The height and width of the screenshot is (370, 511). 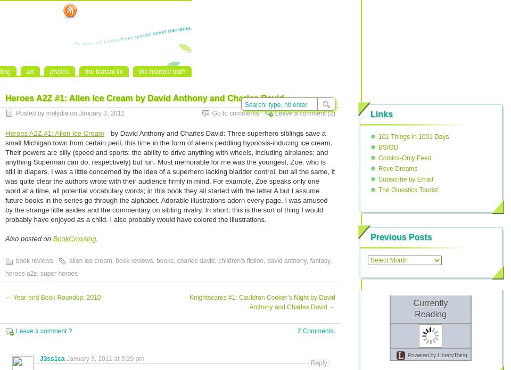 What do you see at coordinates (15, 113) in the screenshot?
I see `'Posted by melydia on January 3, 2011'` at bounding box center [15, 113].